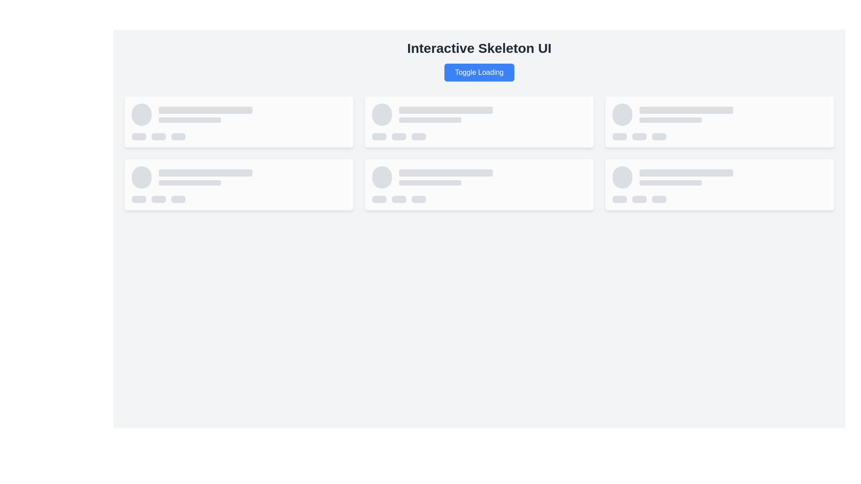  I want to click on the Placeholder Component located in the top-right block of the grid layout, which simulates a loading placeholder for content, so click(479, 114).